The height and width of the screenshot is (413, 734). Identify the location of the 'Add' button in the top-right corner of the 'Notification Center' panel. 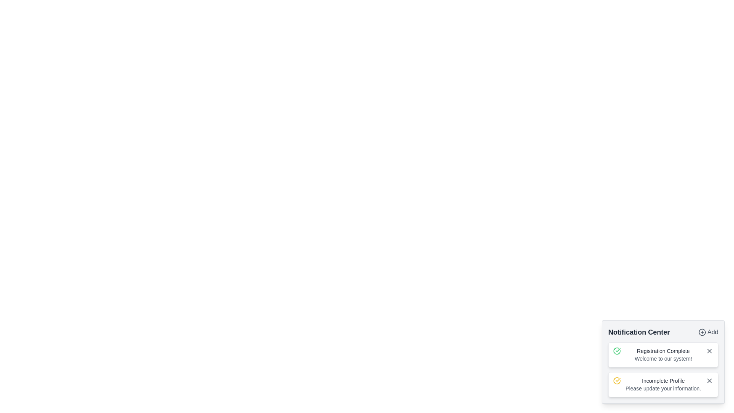
(708, 332).